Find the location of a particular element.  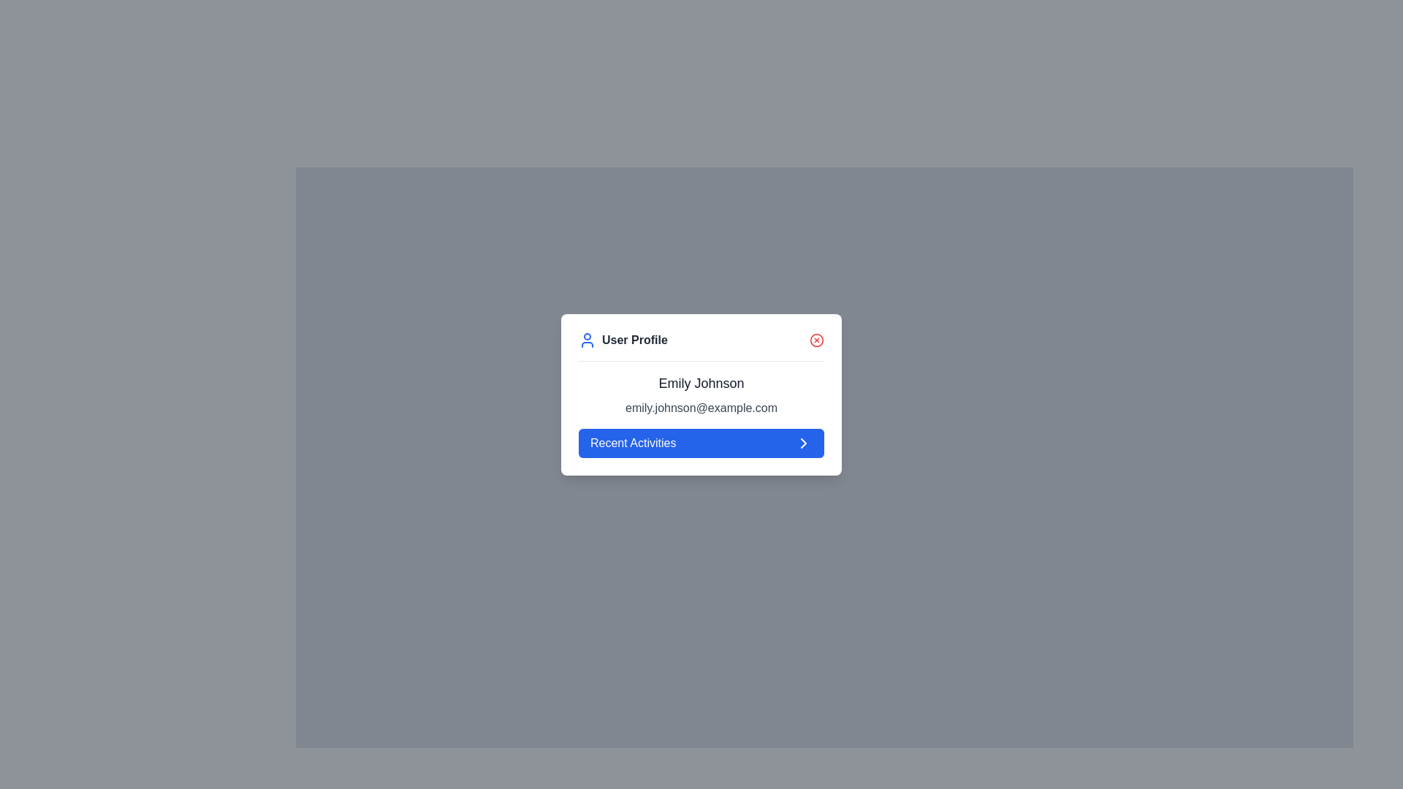

the red circular icon button with a cross, located next to the 'User Profile' heading is located at coordinates (816, 340).